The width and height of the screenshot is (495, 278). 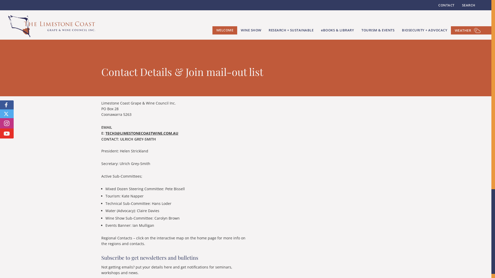 What do you see at coordinates (468, 5) in the screenshot?
I see `'SEARCH'` at bounding box center [468, 5].